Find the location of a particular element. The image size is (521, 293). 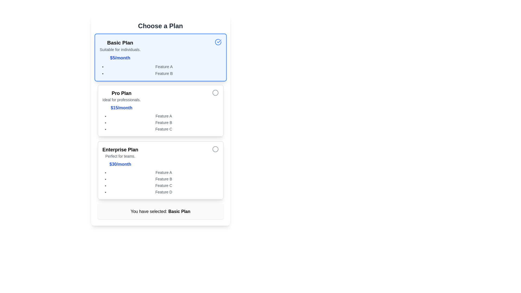

the SVG Circle element located at the top-right corner of the Pro Plan card, which resembles a small ring or dot with a thin stroke is located at coordinates (215, 93).